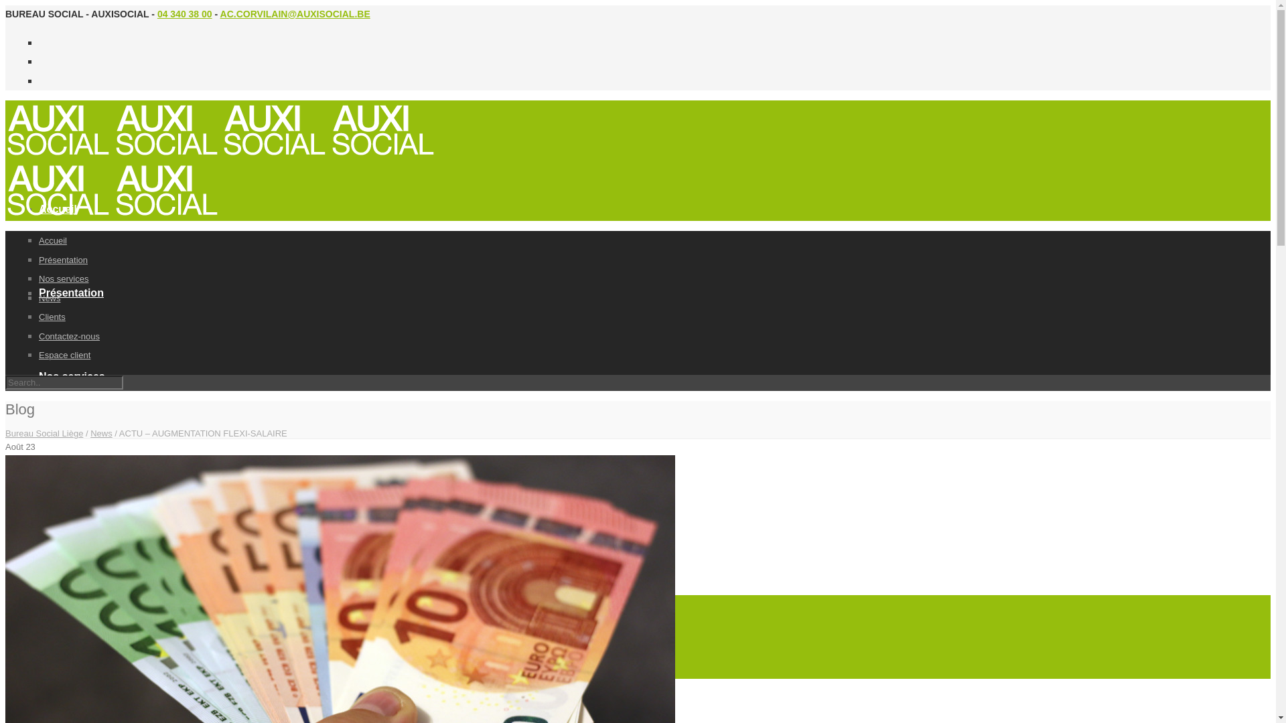 The width and height of the screenshot is (1286, 723). What do you see at coordinates (295, 13) in the screenshot?
I see `'AC.CORVILAIN@AUXISOCIAL.BE'` at bounding box center [295, 13].